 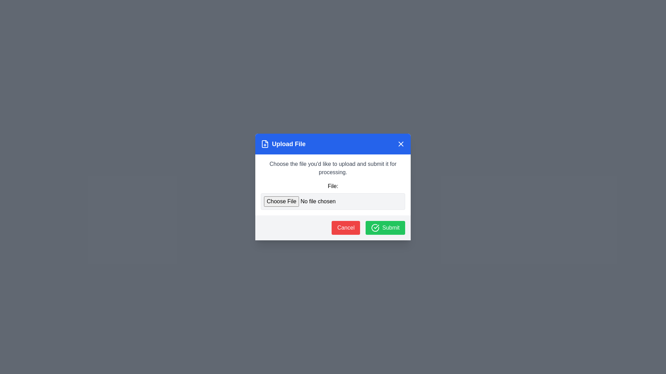 I want to click on close button in the header to dismiss the dialog, so click(x=401, y=144).